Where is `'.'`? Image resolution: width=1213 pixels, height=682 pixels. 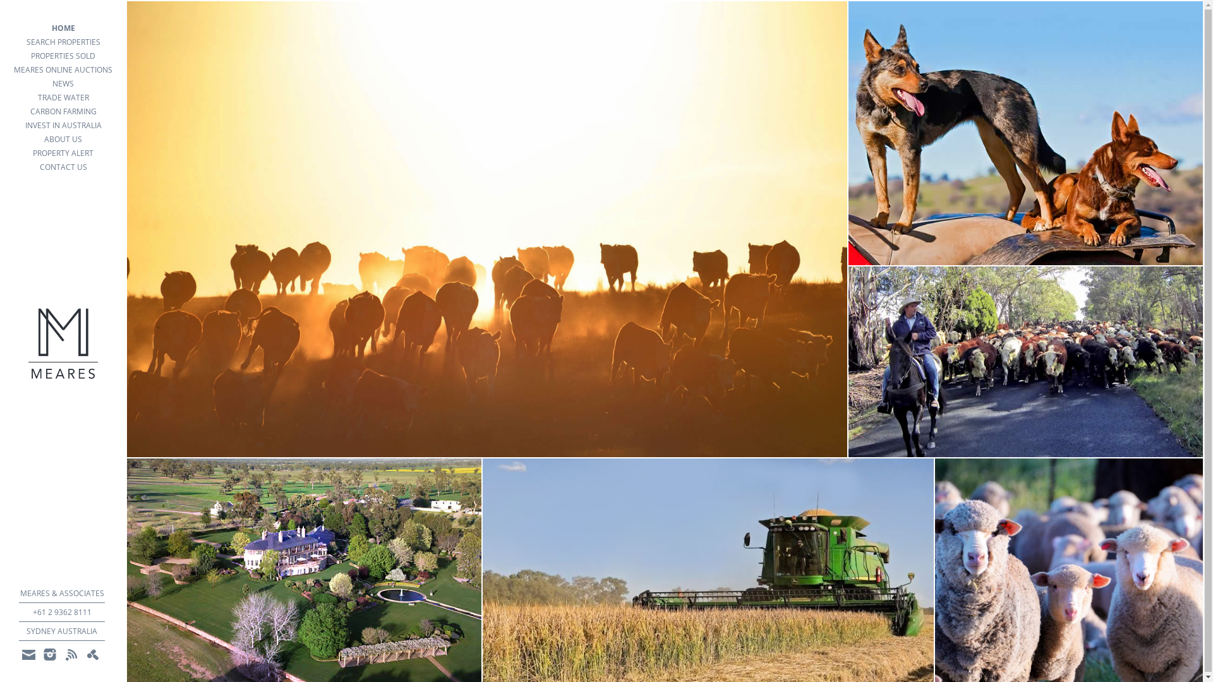
'.' is located at coordinates (49, 654).